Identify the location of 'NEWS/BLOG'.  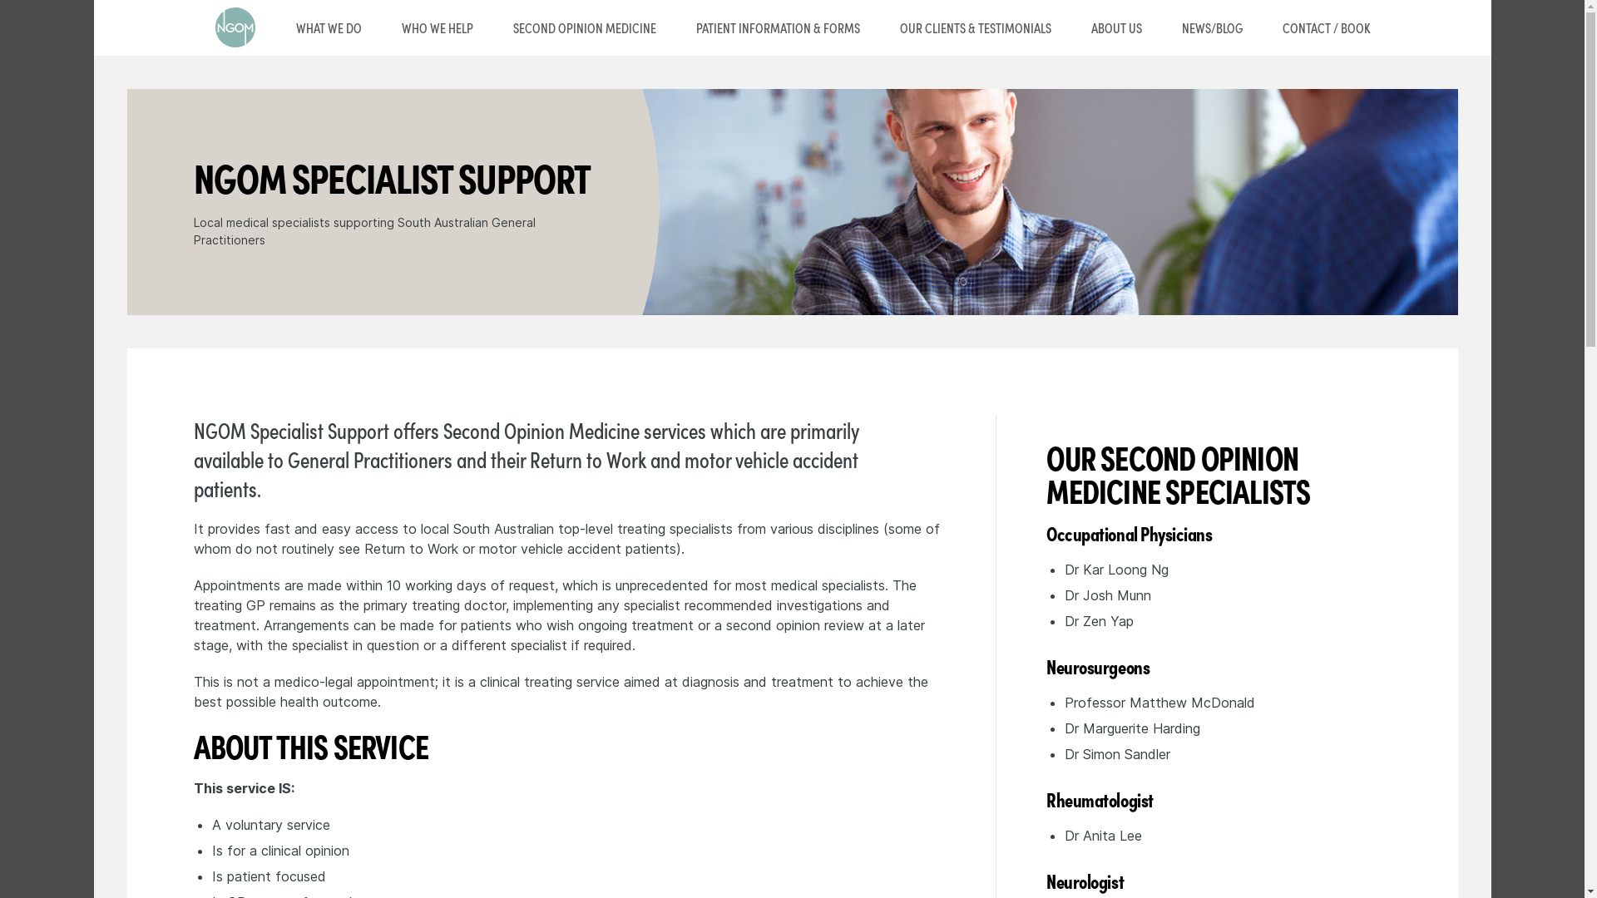
(1211, 27).